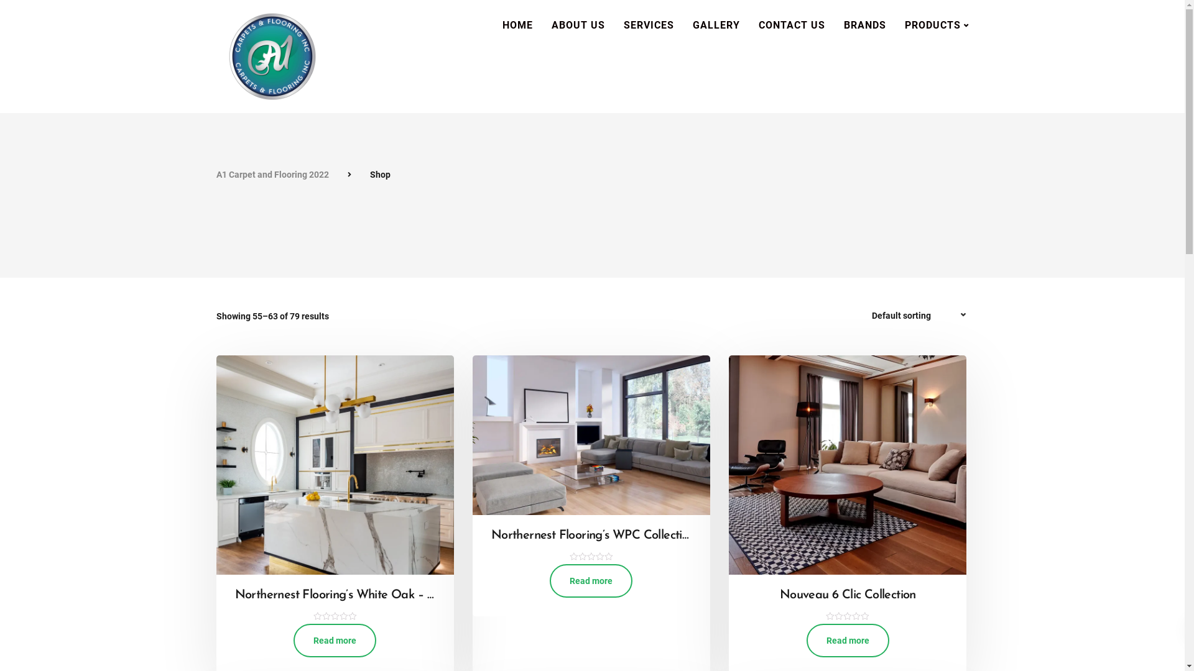 The height and width of the screenshot is (671, 1194). Describe the element at coordinates (648, 25) in the screenshot. I see `'SERVICES'` at that location.